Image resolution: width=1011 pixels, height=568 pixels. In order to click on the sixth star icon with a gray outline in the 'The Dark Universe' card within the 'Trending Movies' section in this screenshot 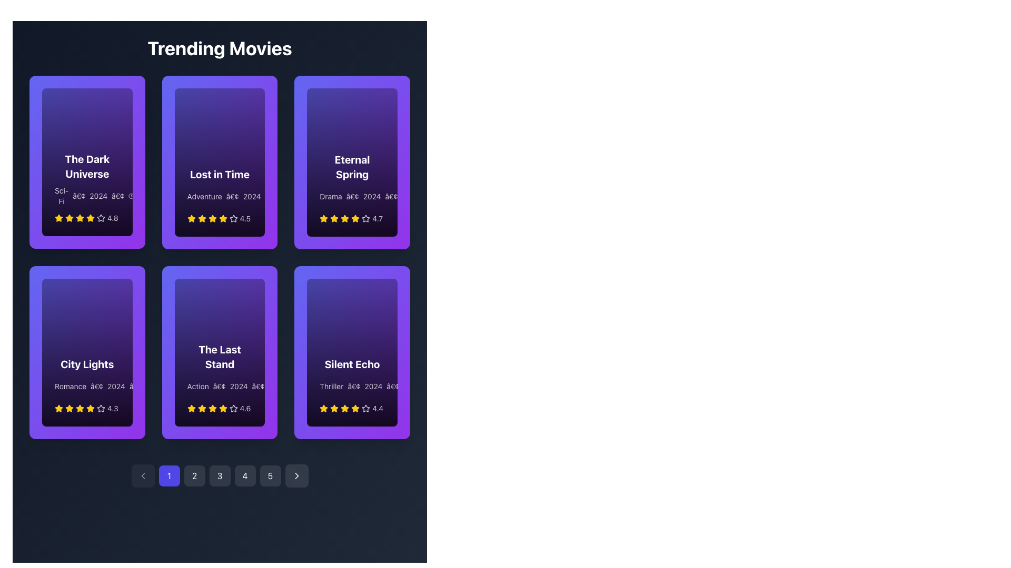, I will do `click(101, 218)`.